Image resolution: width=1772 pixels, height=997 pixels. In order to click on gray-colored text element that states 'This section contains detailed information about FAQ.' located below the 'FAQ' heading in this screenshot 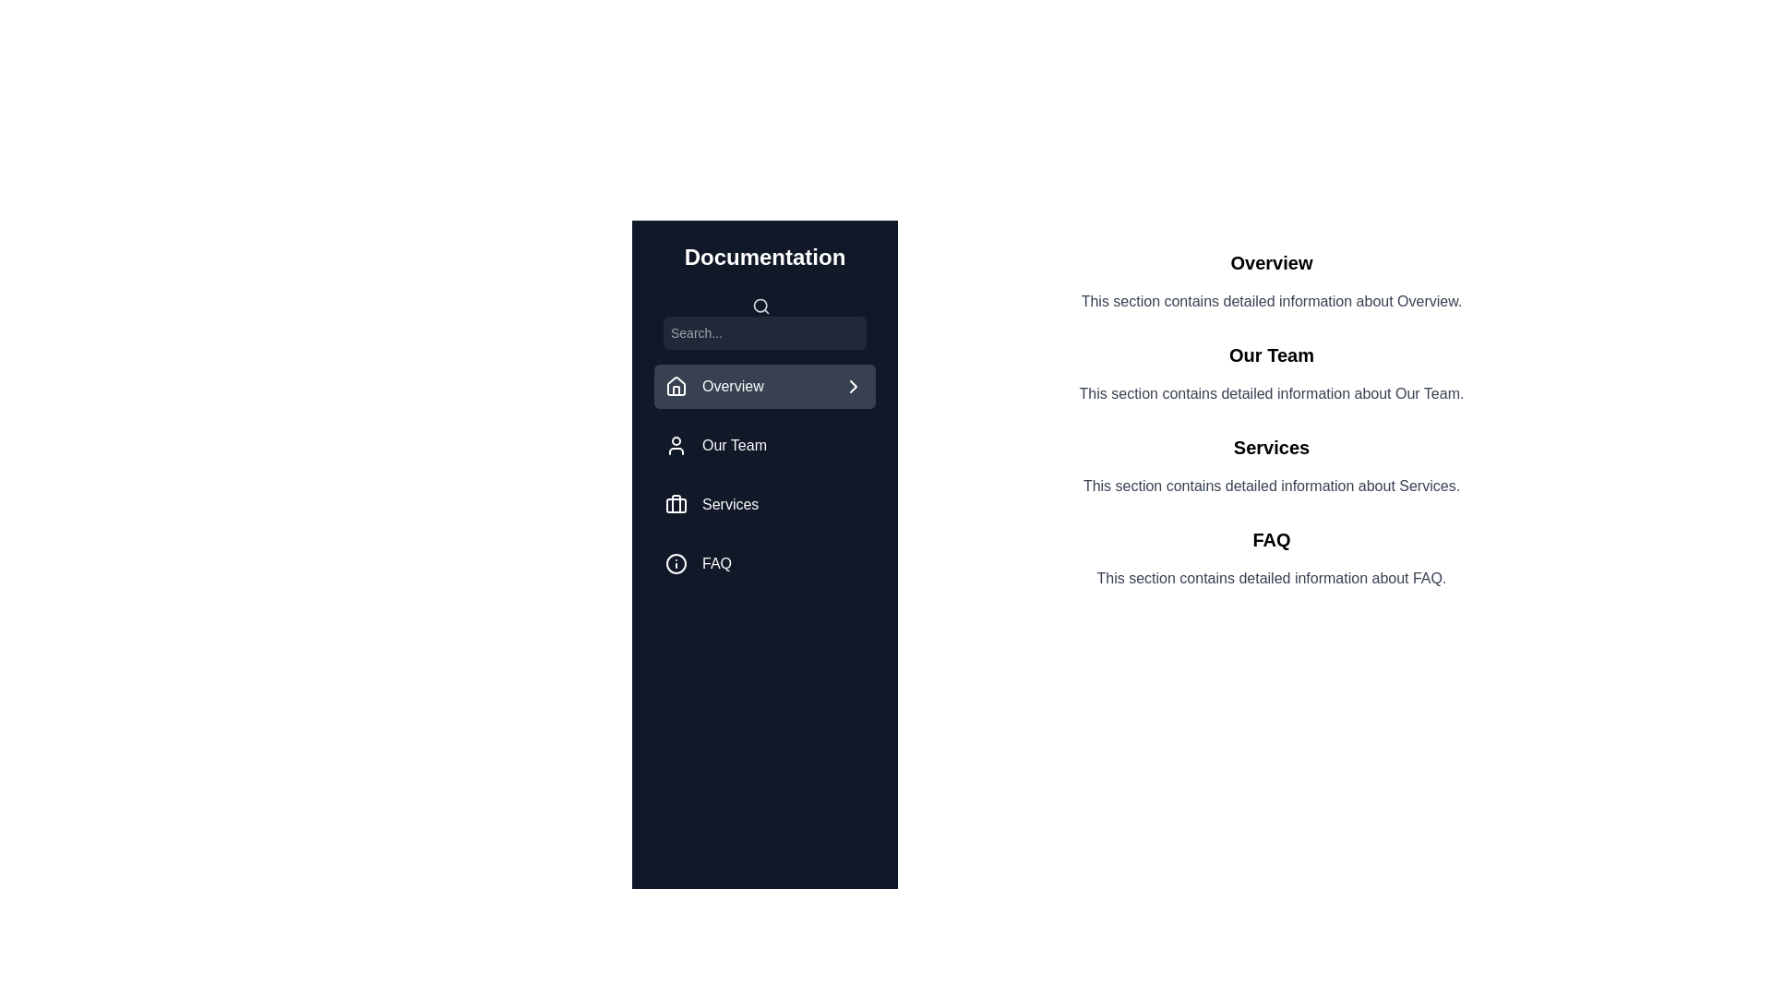, I will do `click(1270, 578)`.